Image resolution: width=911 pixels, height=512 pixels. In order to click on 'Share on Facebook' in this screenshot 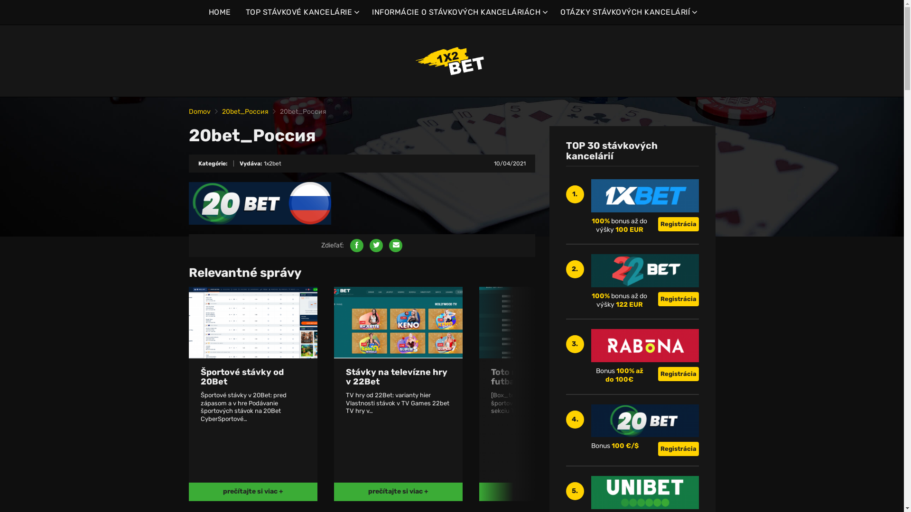, I will do `click(356, 245)`.